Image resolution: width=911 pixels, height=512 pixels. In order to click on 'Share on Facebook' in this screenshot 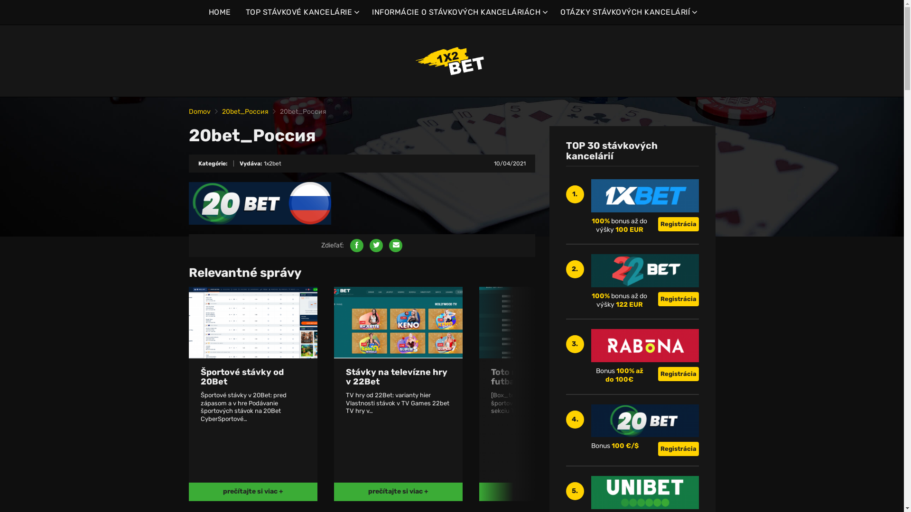, I will do `click(356, 245)`.